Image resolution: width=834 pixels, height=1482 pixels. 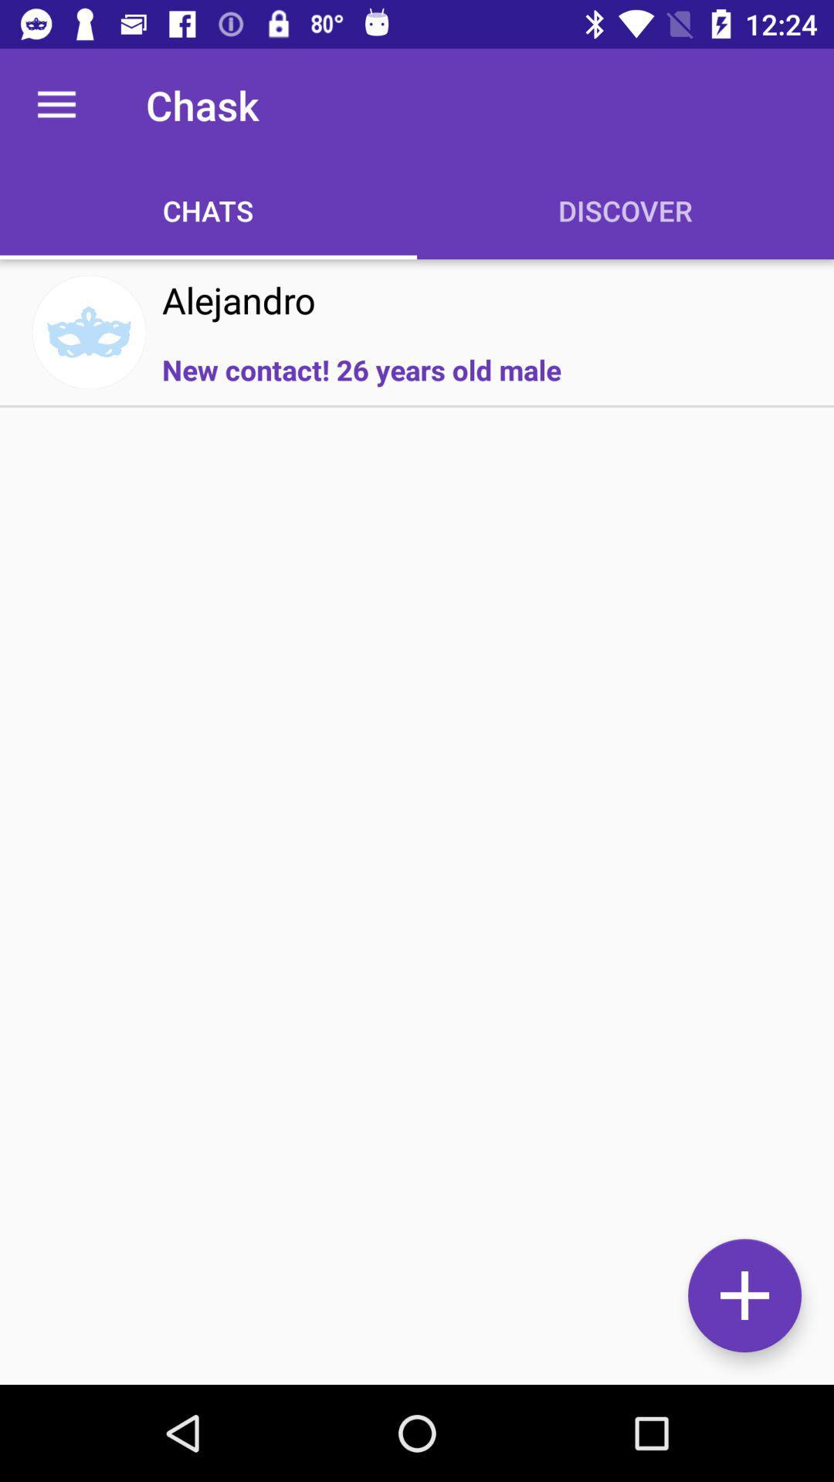 I want to click on the item below discover, so click(x=744, y=1295).